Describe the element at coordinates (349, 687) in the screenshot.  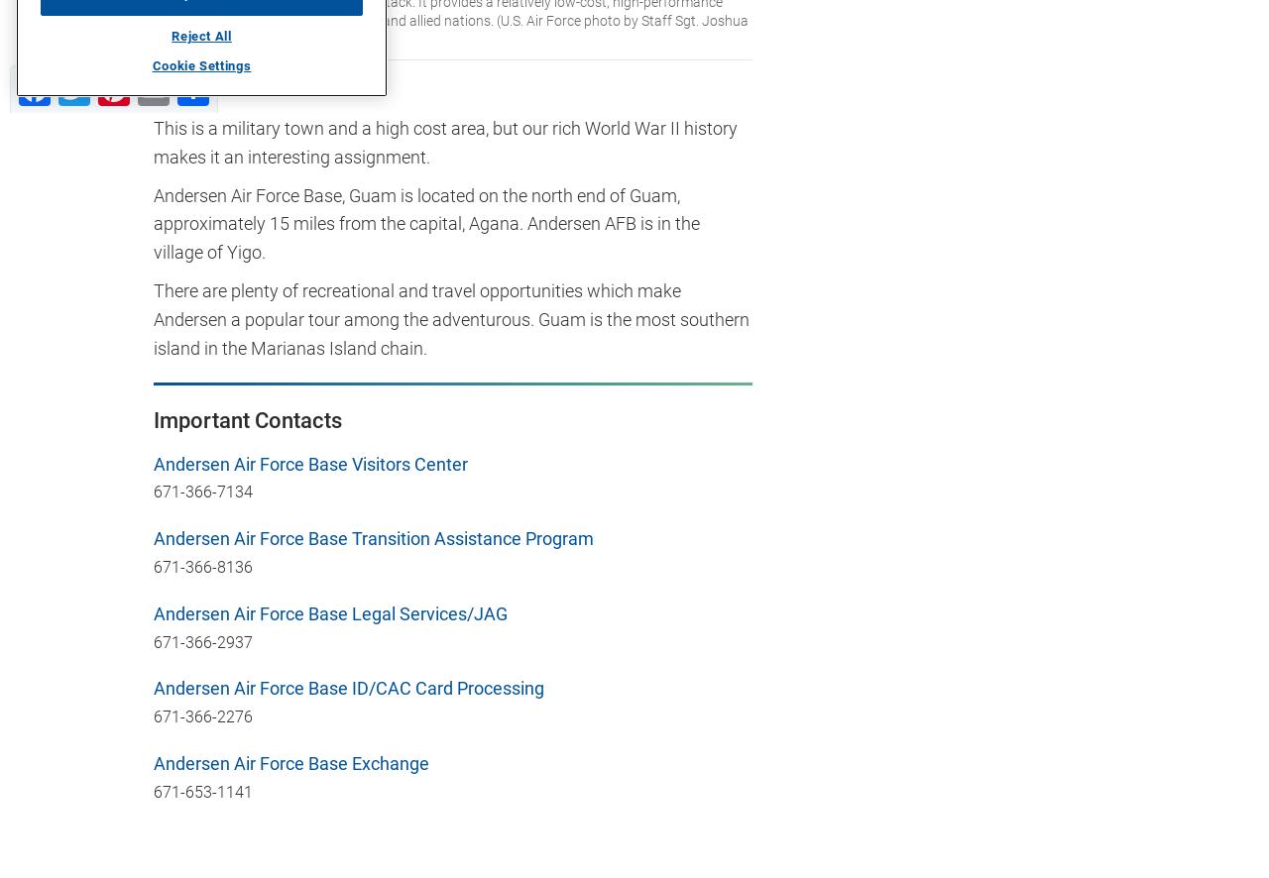
I see `'Andersen Air Force Base ID/CAC Card Processing'` at that location.